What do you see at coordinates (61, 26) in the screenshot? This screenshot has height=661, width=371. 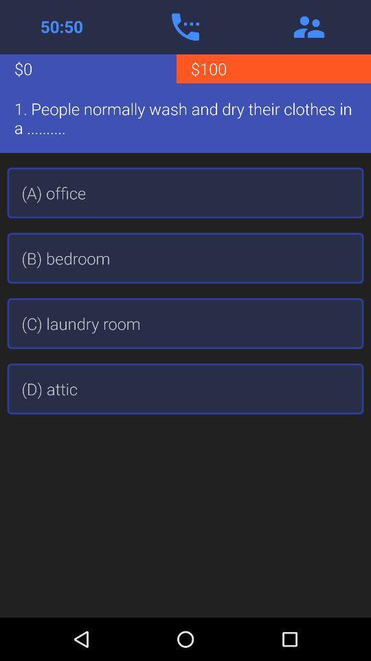 I see `scorekeeper option` at bounding box center [61, 26].